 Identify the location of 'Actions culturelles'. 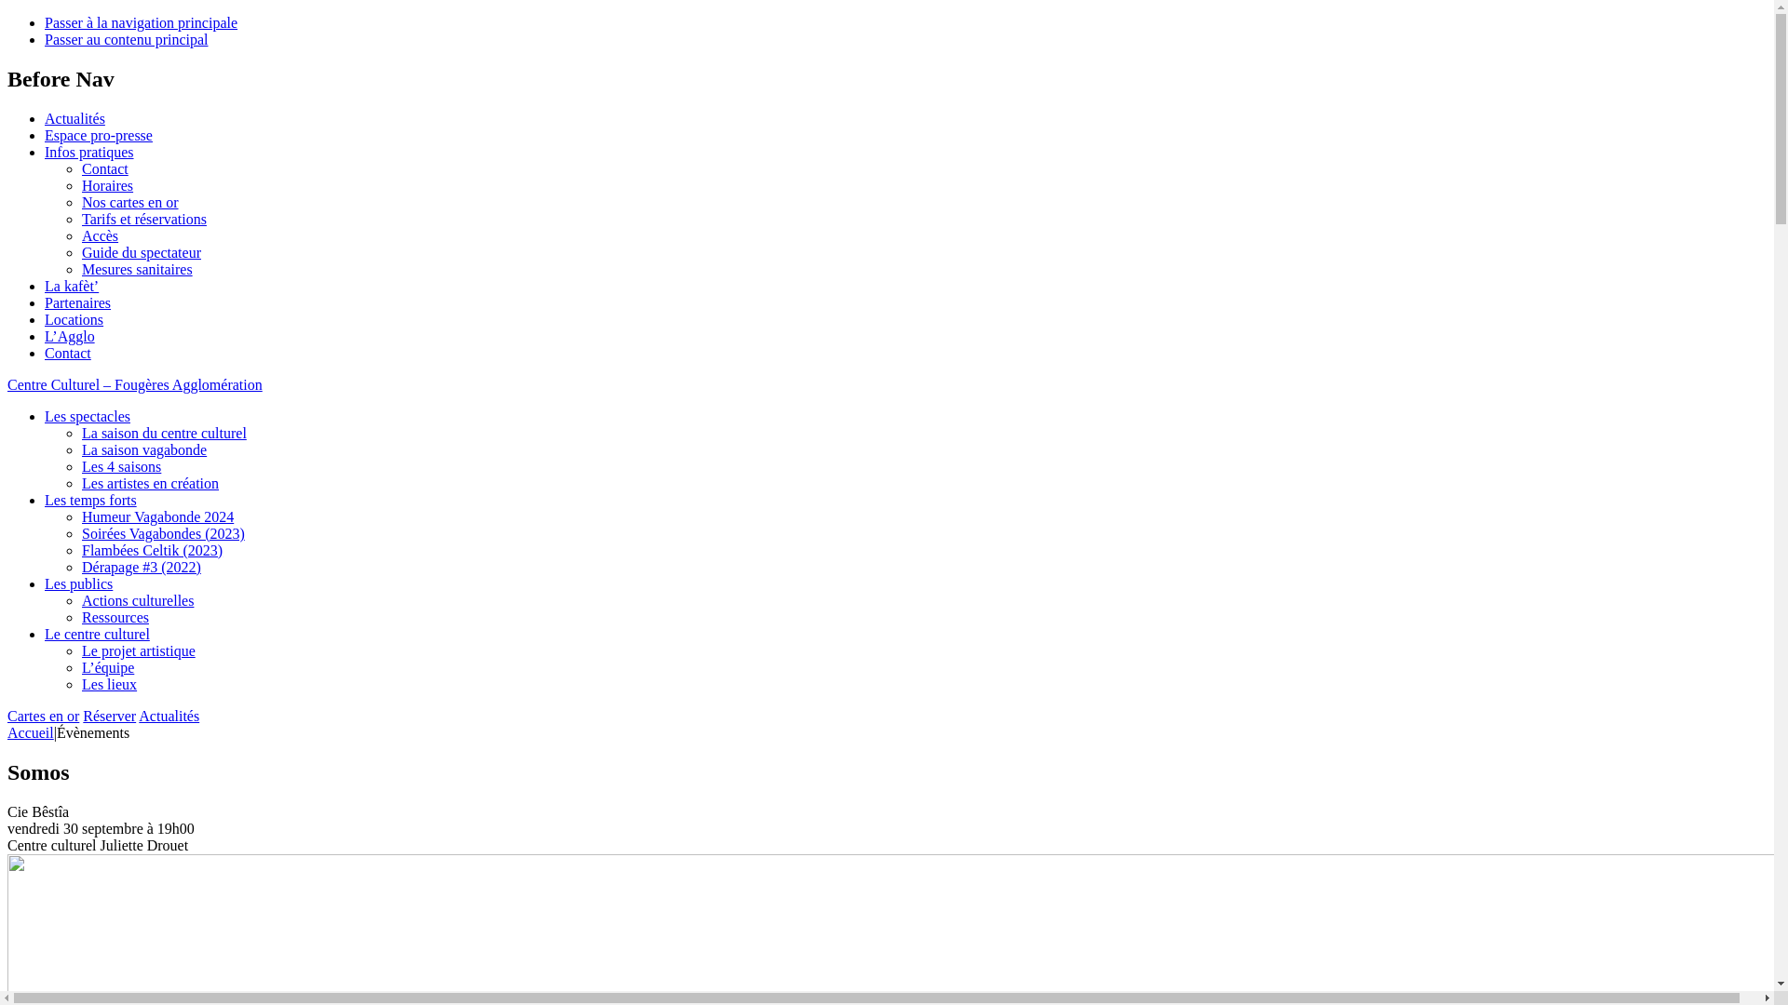
(137, 600).